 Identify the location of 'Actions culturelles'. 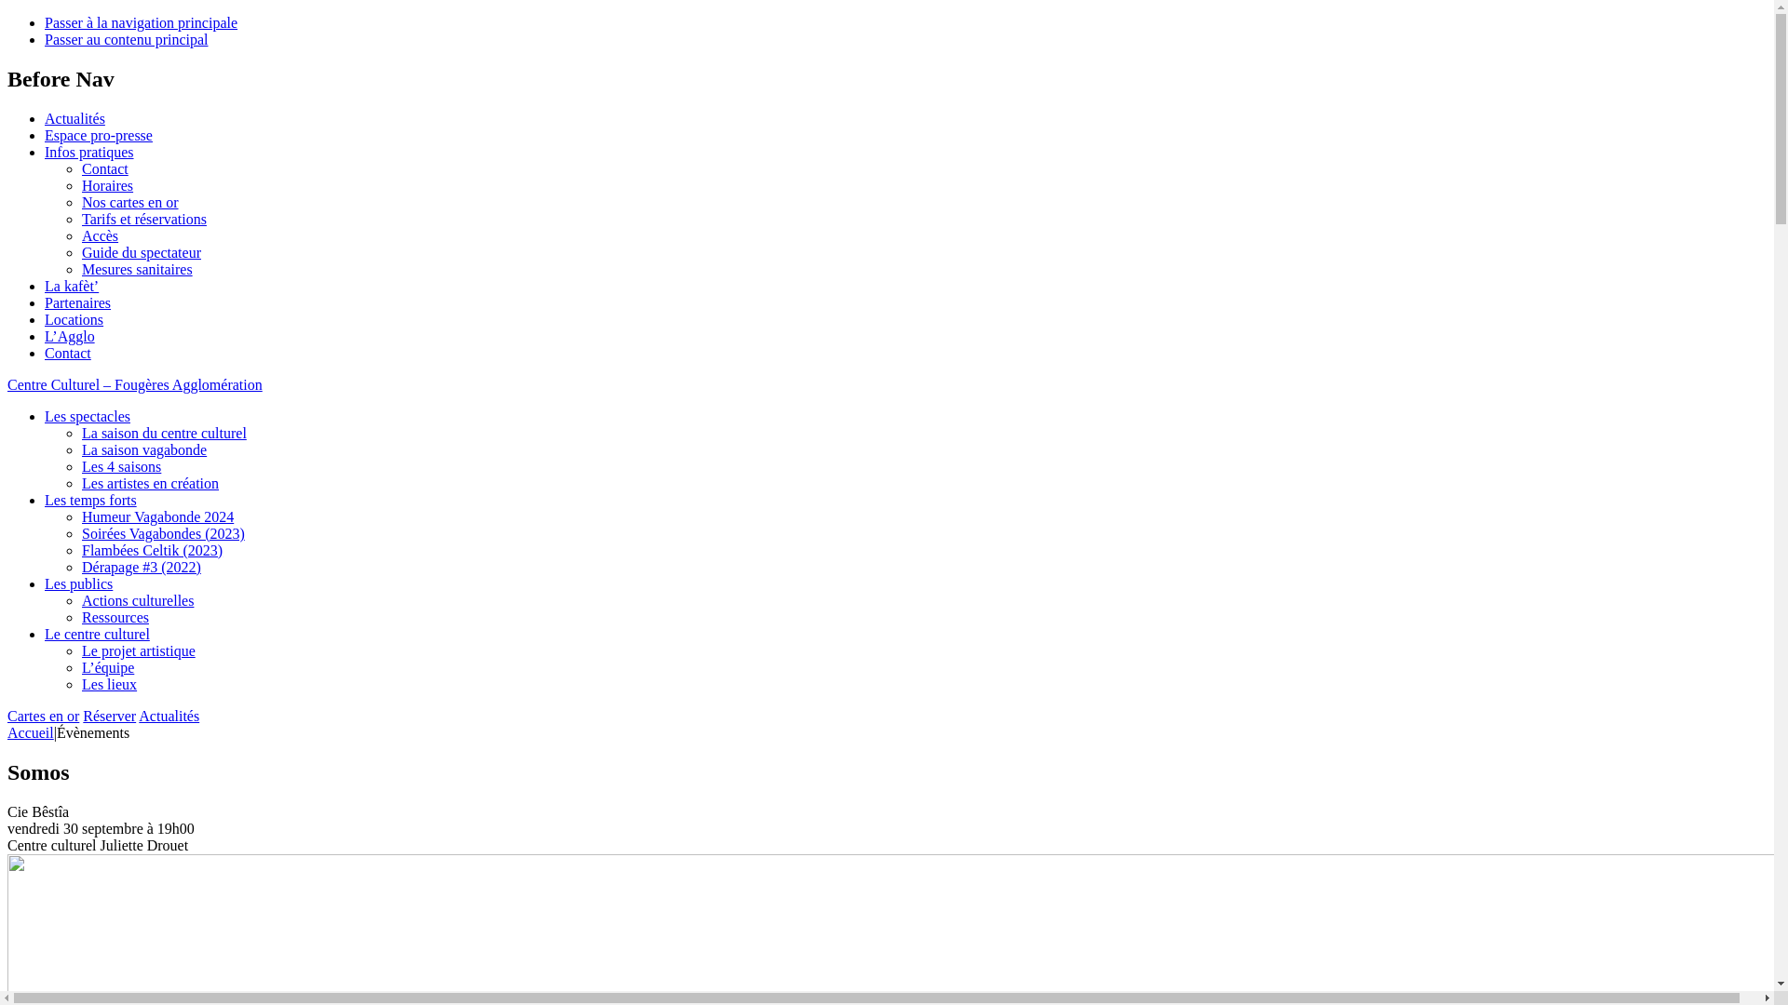
(137, 600).